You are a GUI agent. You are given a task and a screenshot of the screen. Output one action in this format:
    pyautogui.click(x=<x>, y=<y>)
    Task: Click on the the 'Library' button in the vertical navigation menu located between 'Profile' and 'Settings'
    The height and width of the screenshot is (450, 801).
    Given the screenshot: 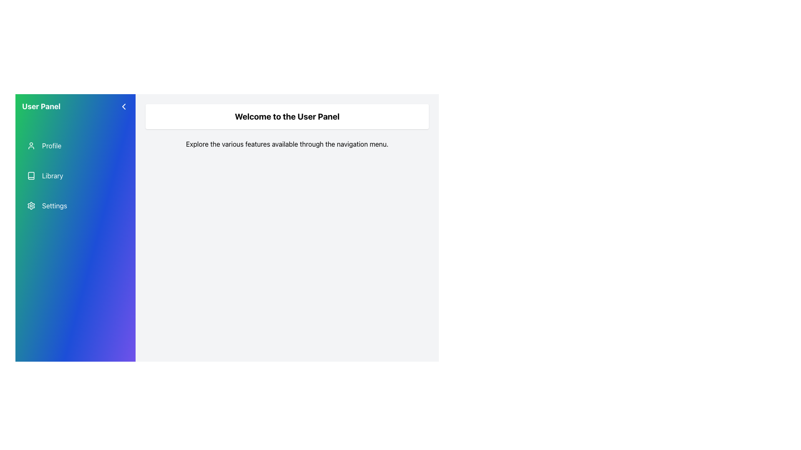 What is the action you would take?
    pyautogui.click(x=76, y=175)
    